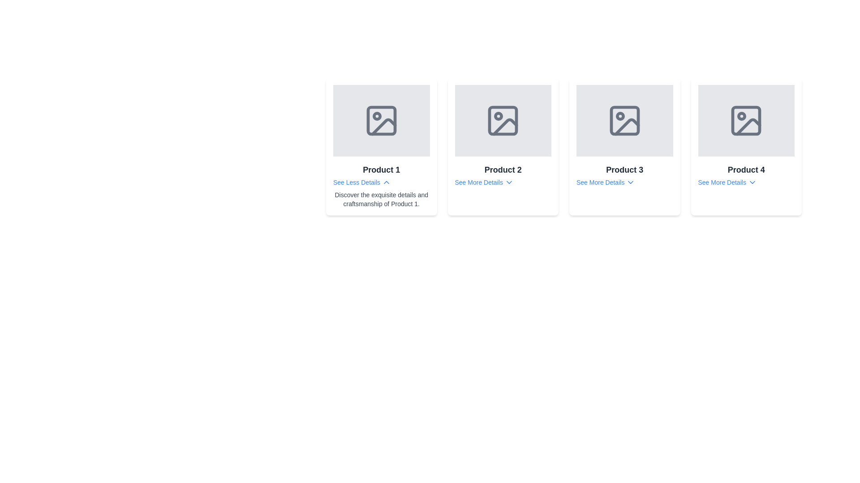 This screenshot has width=860, height=483. What do you see at coordinates (381, 121) in the screenshot?
I see `the rectangular shape with rounded corners that is part of the picture icon in the first card labeled 'Product 1' at the top-left corner of the grid` at bounding box center [381, 121].